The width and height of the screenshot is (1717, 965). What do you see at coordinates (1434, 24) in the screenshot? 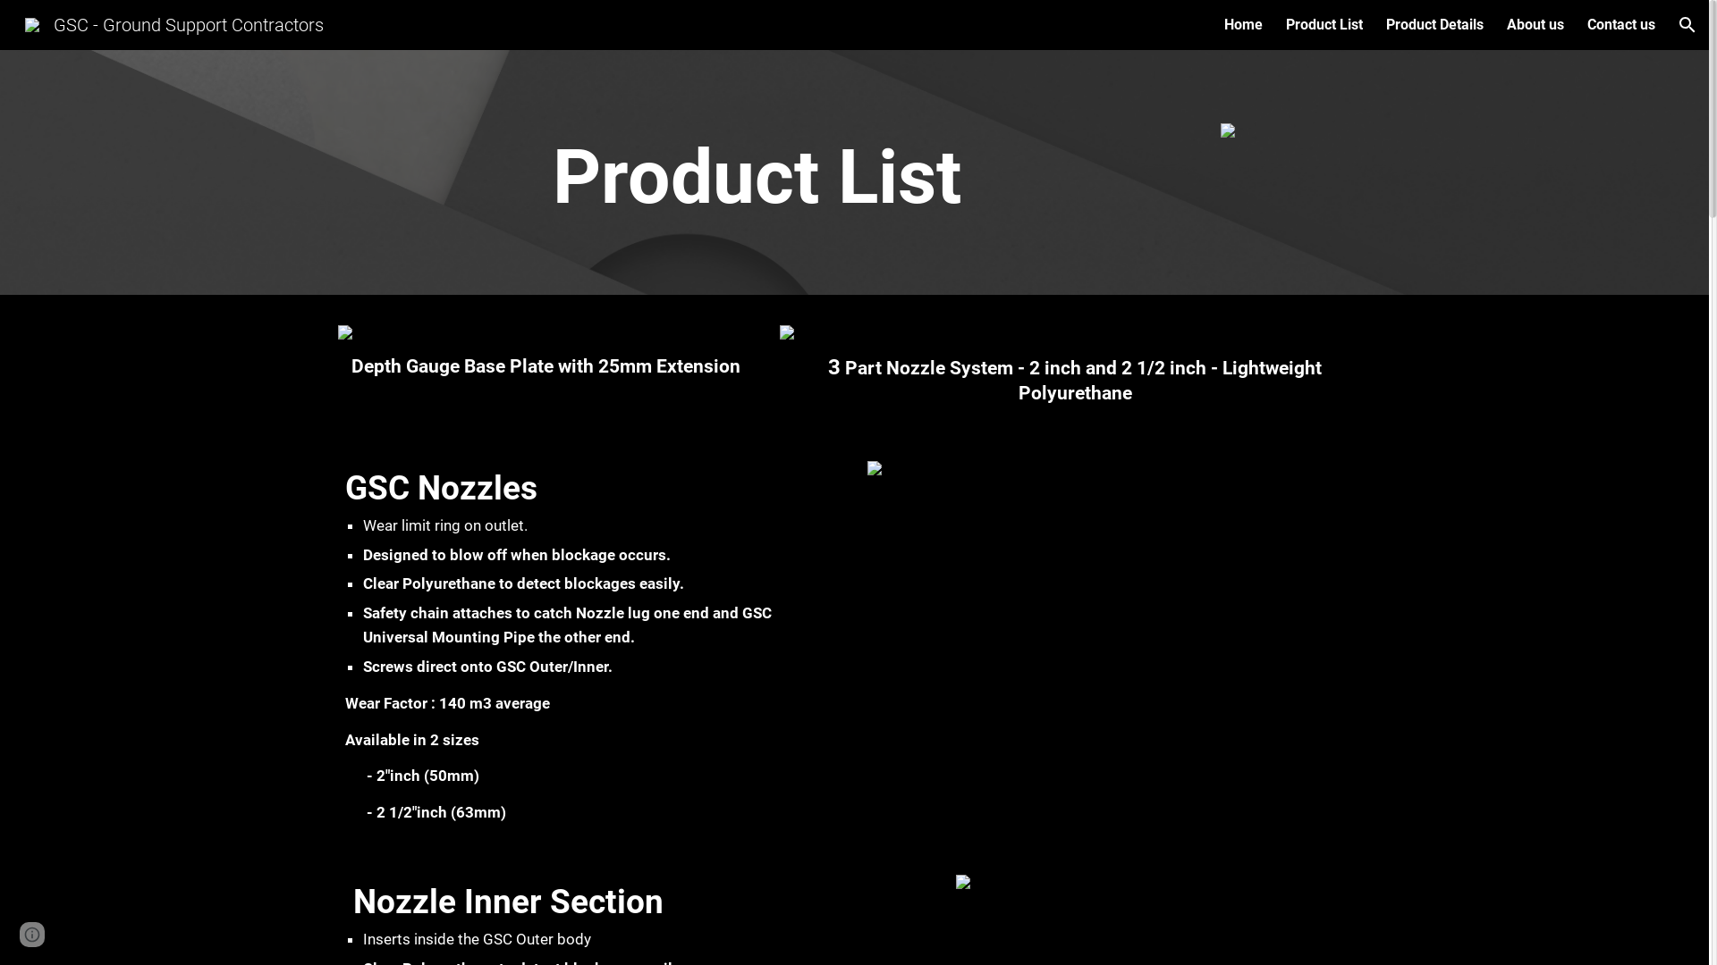
I see `'Product Details'` at bounding box center [1434, 24].